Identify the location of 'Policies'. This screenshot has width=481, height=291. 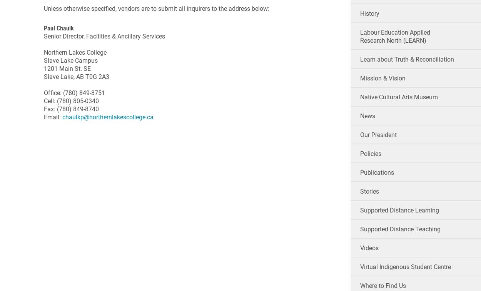
(360, 153).